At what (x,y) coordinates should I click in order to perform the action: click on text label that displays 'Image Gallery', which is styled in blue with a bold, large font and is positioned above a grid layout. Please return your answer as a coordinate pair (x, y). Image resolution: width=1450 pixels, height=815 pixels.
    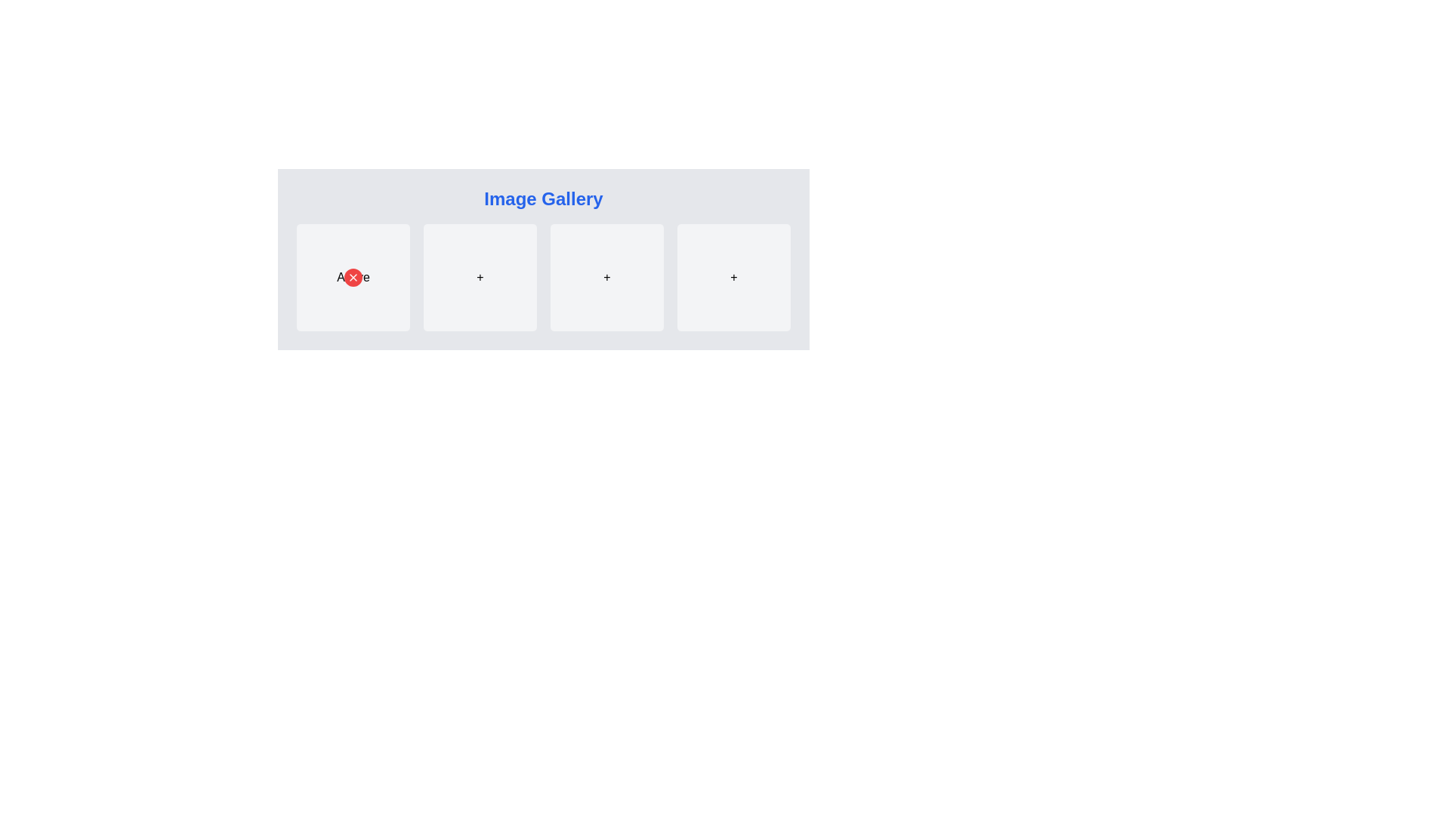
    Looking at the image, I should click on (544, 198).